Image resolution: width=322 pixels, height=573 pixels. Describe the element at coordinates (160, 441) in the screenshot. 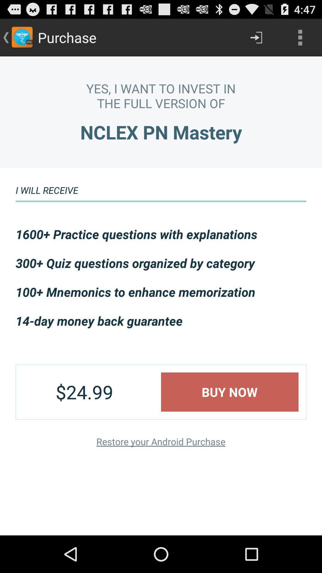

I see `the item below $24.99` at that location.